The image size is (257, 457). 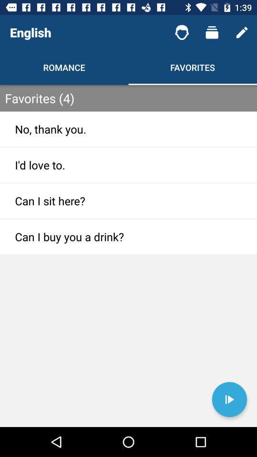 What do you see at coordinates (229, 399) in the screenshot?
I see `because back devicer` at bounding box center [229, 399].